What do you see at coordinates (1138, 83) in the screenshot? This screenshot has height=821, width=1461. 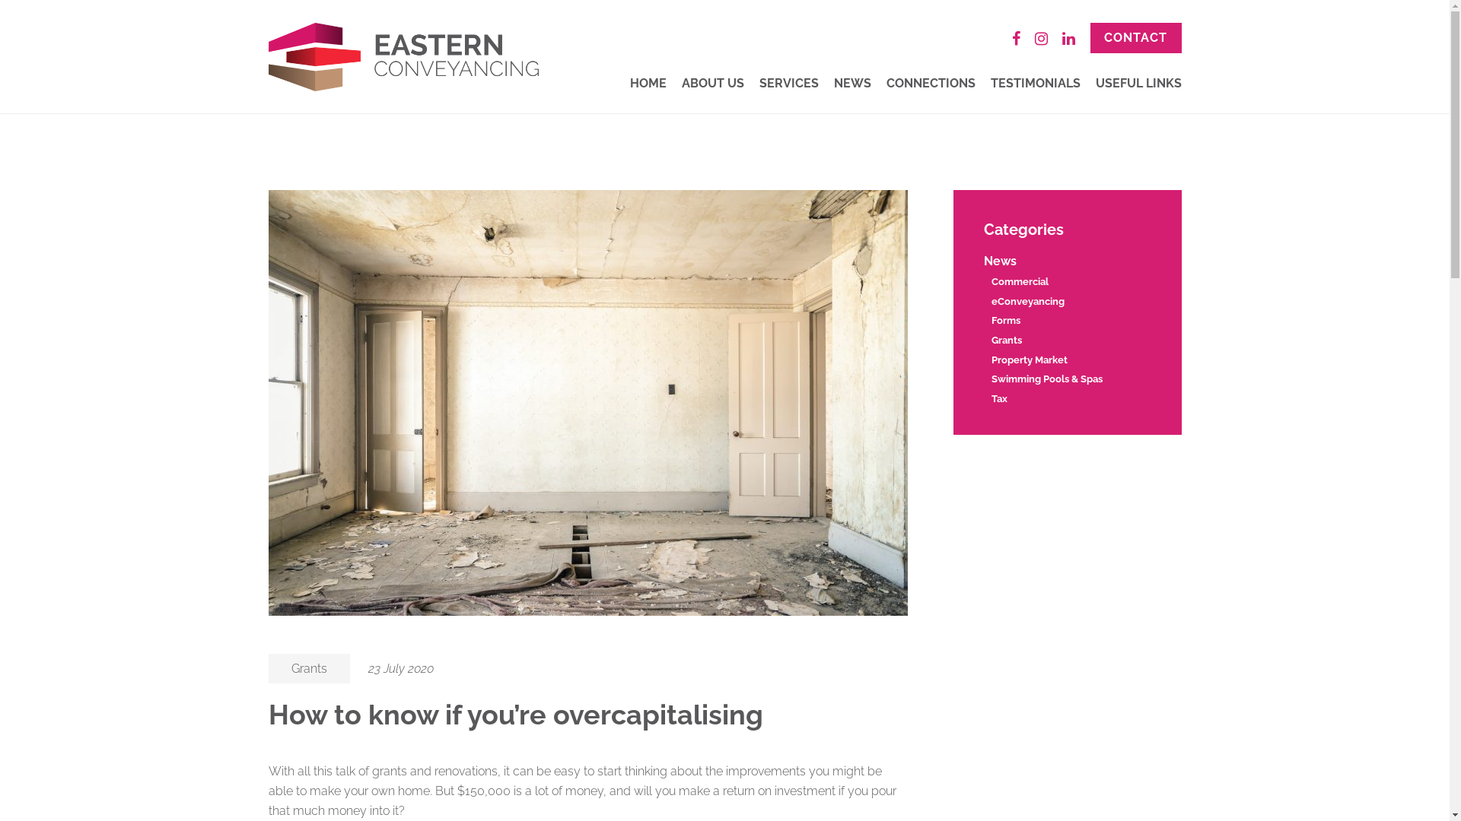 I see `'USEFUL LINKS'` at bounding box center [1138, 83].